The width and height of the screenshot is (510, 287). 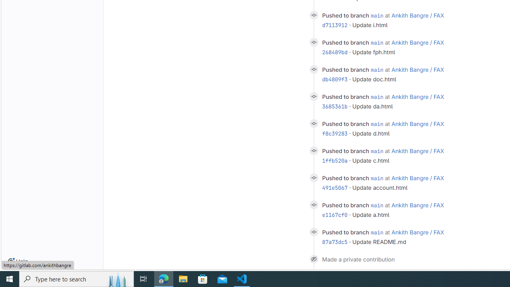 I want to click on 'Help', so click(x=18, y=261).